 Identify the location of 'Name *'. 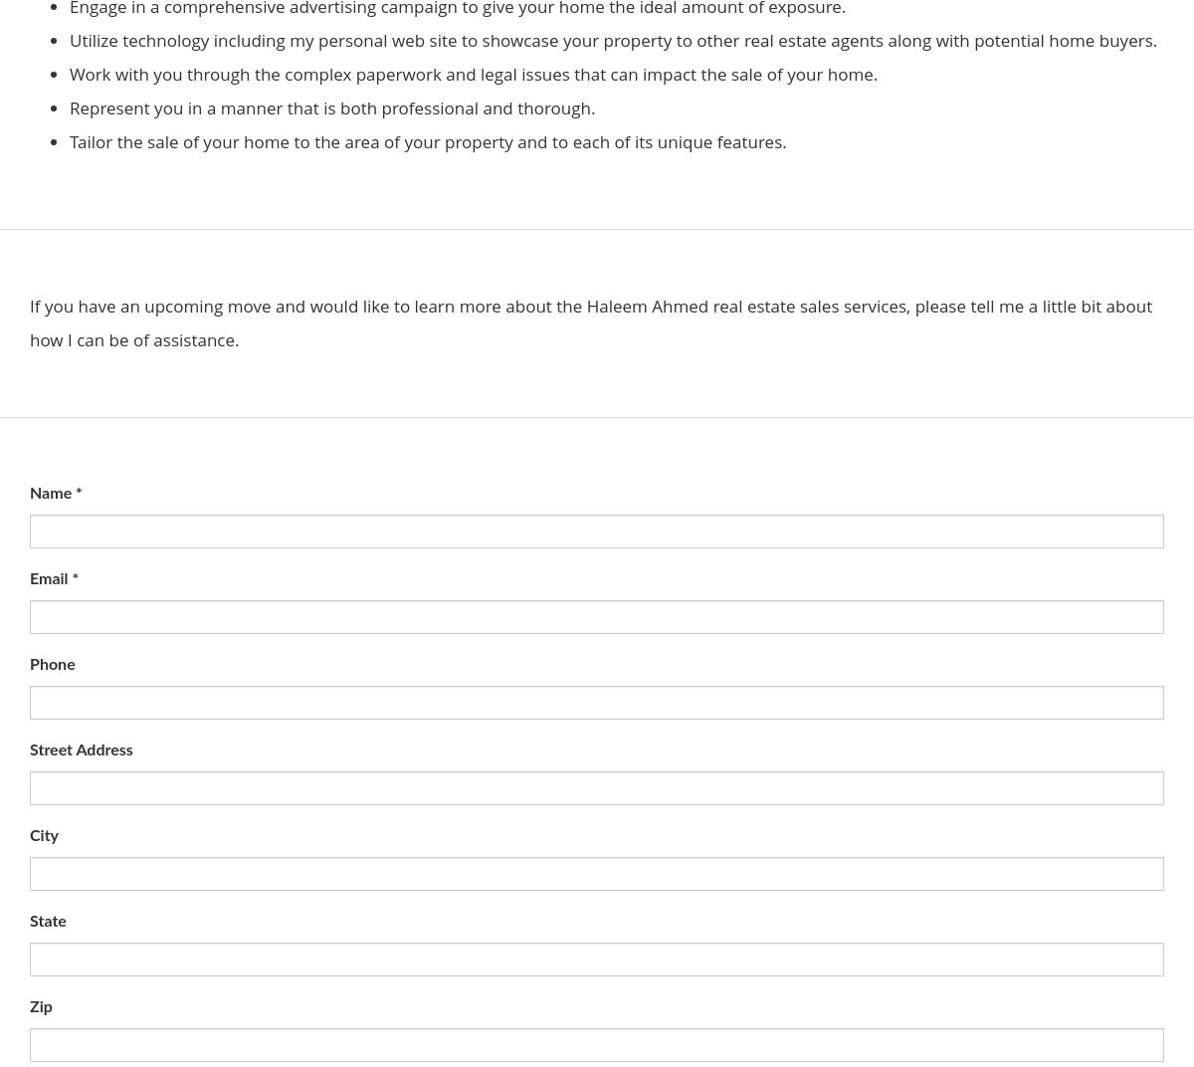
(56, 494).